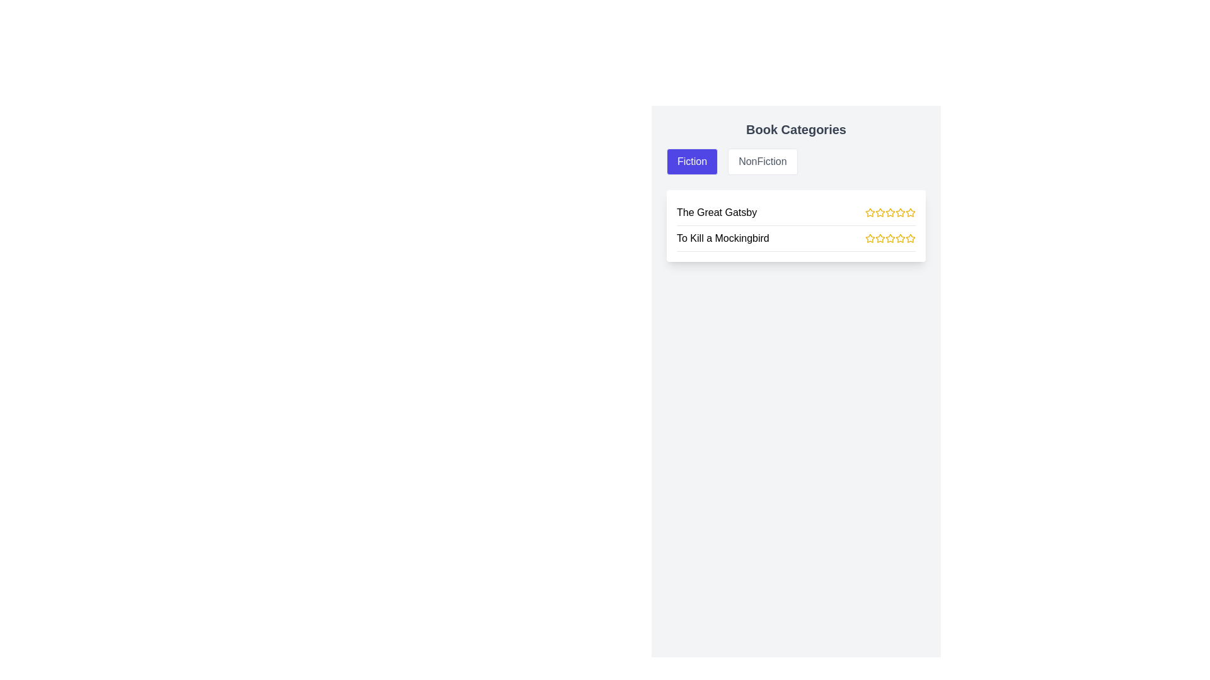  Describe the element at coordinates (889, 212) in the screenshot. I see `the fourth yellow star in the rating system next to 'The Great Gatsby'` at that location.